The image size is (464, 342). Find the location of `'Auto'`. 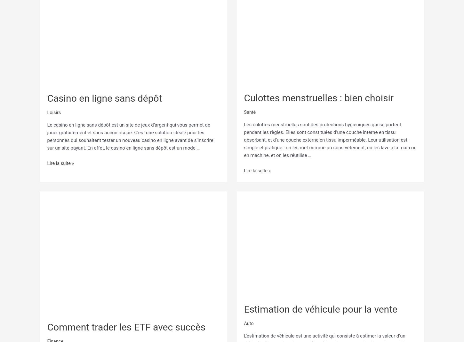

'Auto' is located at coordinates (249, 322).